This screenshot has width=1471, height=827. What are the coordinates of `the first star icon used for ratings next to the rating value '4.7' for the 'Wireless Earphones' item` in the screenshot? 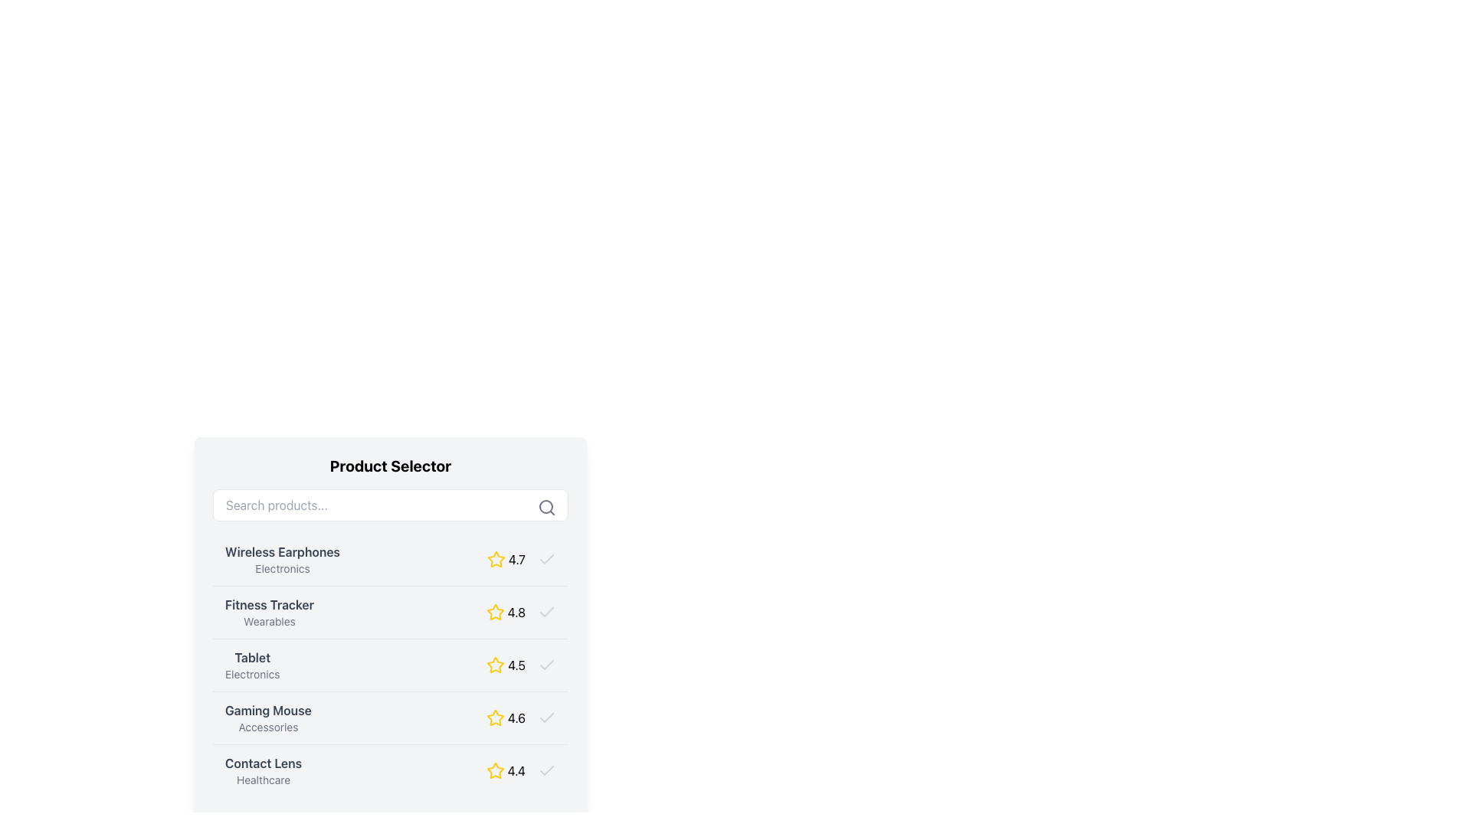 It's located at (496, 559).